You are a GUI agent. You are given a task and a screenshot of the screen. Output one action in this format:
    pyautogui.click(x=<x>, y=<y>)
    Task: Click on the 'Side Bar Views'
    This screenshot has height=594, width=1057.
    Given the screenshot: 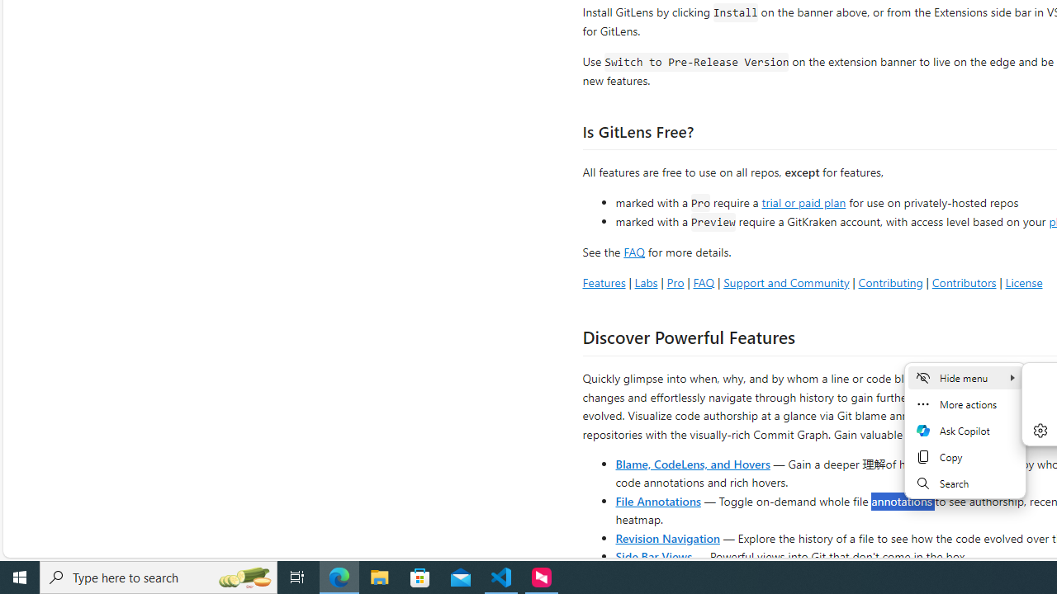 What is the action you would take?
    pyautogui.click(x=652, y=555)
    